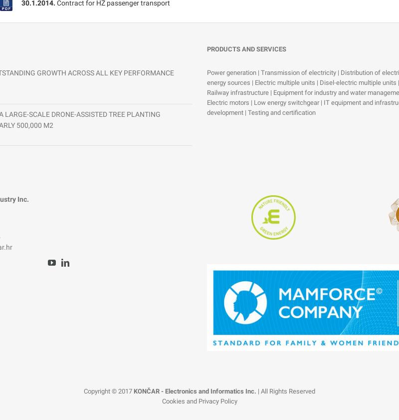 The height and width of the screenshot is (420, 399). I want to click on 'Power generation', so click(232, 72).